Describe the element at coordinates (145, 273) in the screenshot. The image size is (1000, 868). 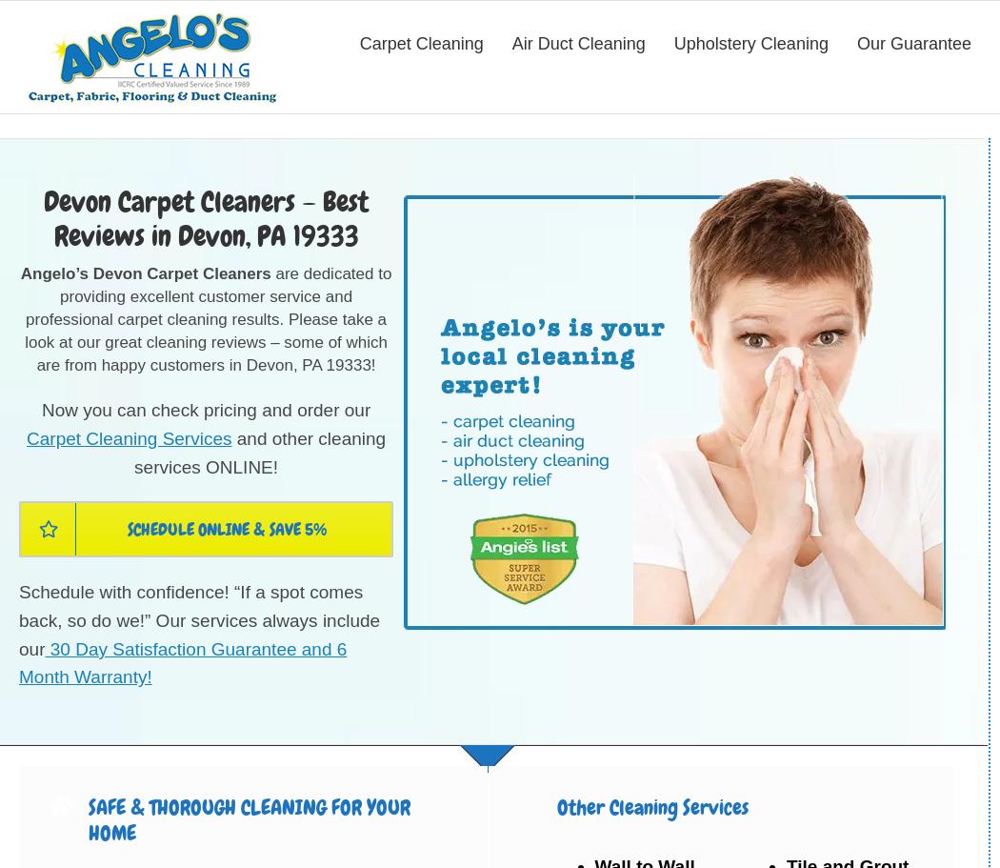
I see `'Angelo’s Devon Carpet Cleaners'` at that location.